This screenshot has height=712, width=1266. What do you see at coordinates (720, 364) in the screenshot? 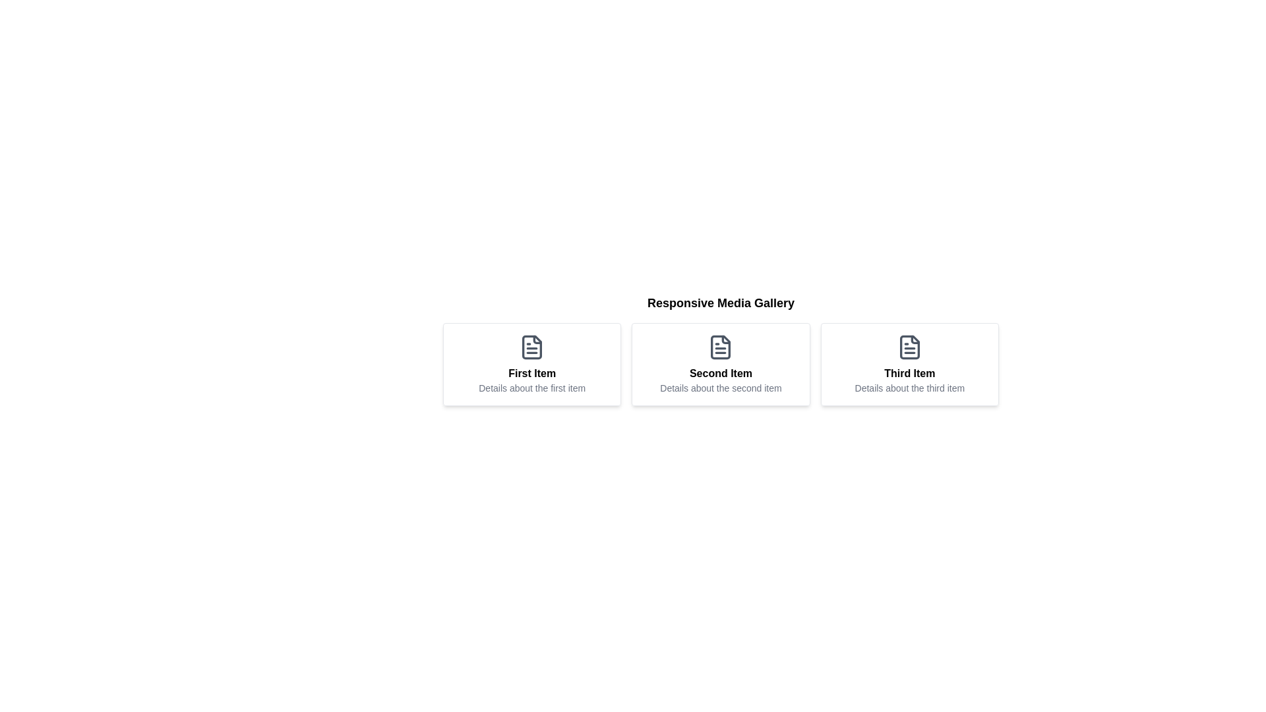
I see `the second card in the grid layout below the title 'Responsive Media Gallery'` at bounding box center [720, 364].